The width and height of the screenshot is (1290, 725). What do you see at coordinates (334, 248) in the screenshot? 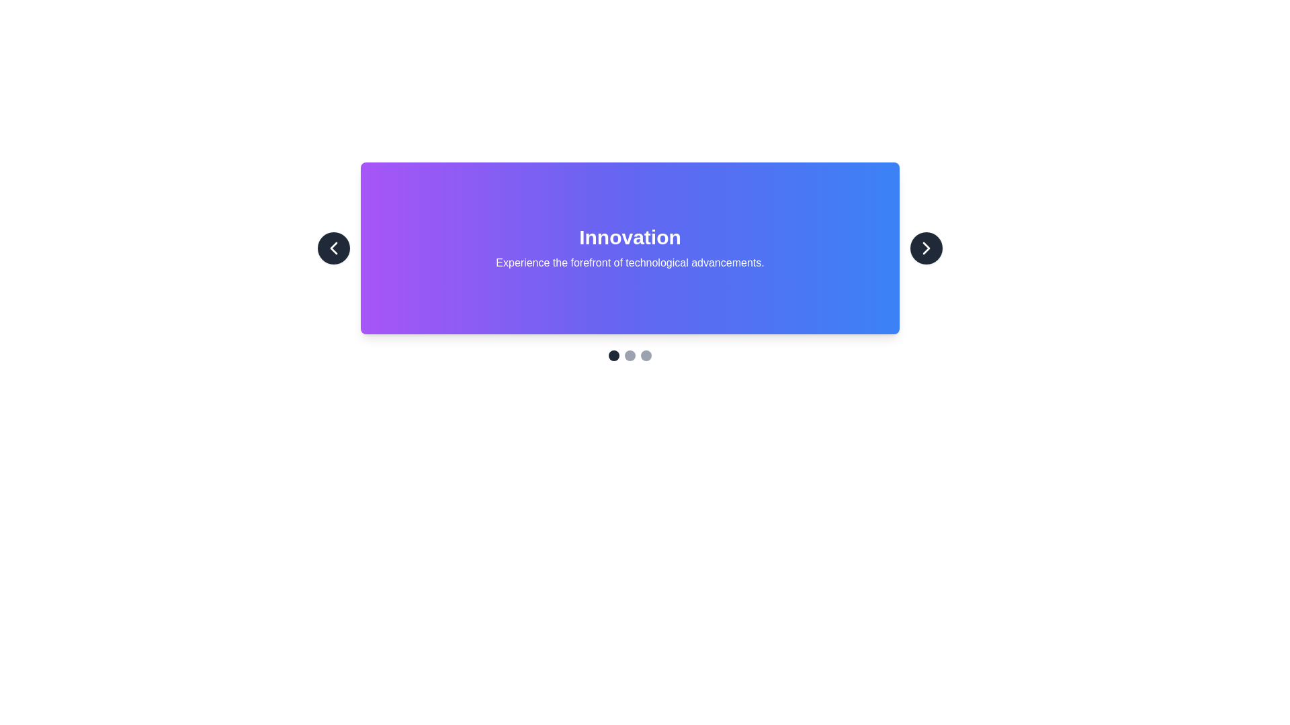
I see `the leftward-pointing chevron icon within the circular button located on the left side of the main rectangular card about innovation` at bounding box center [334, 248].